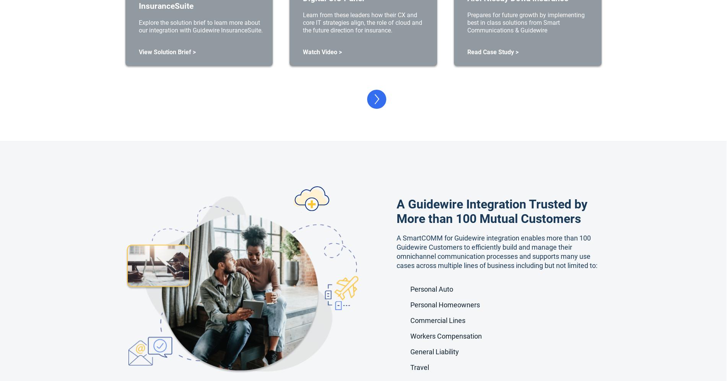  What do you see at coordinates (419, 367) in the screenshot?
I see `'Travel'` at bounding box center [419, 367].